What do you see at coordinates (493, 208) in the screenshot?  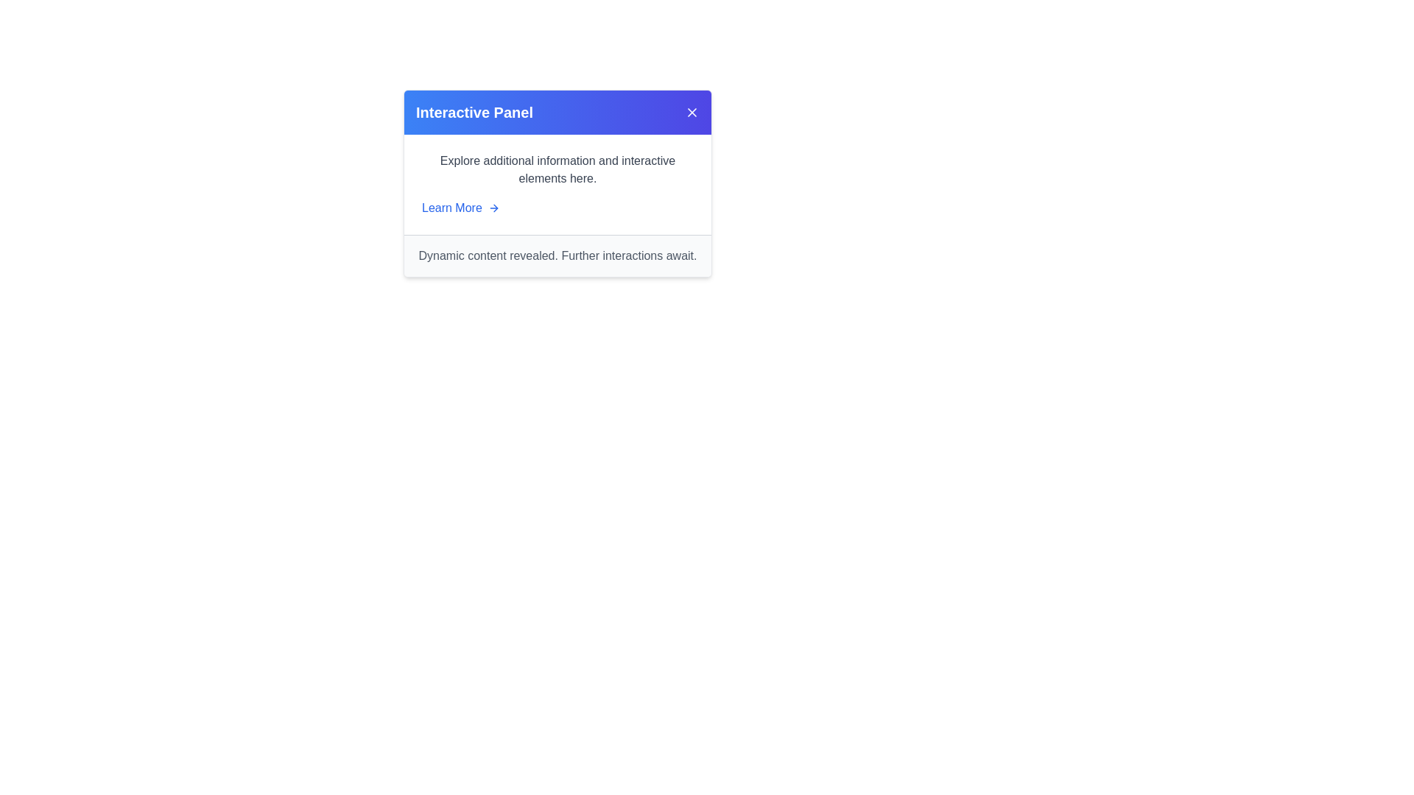 I see `the rightward-pointing arrow icon with a blue outline located next to the 'Learn More' text link` at bounding box center [493, 208].